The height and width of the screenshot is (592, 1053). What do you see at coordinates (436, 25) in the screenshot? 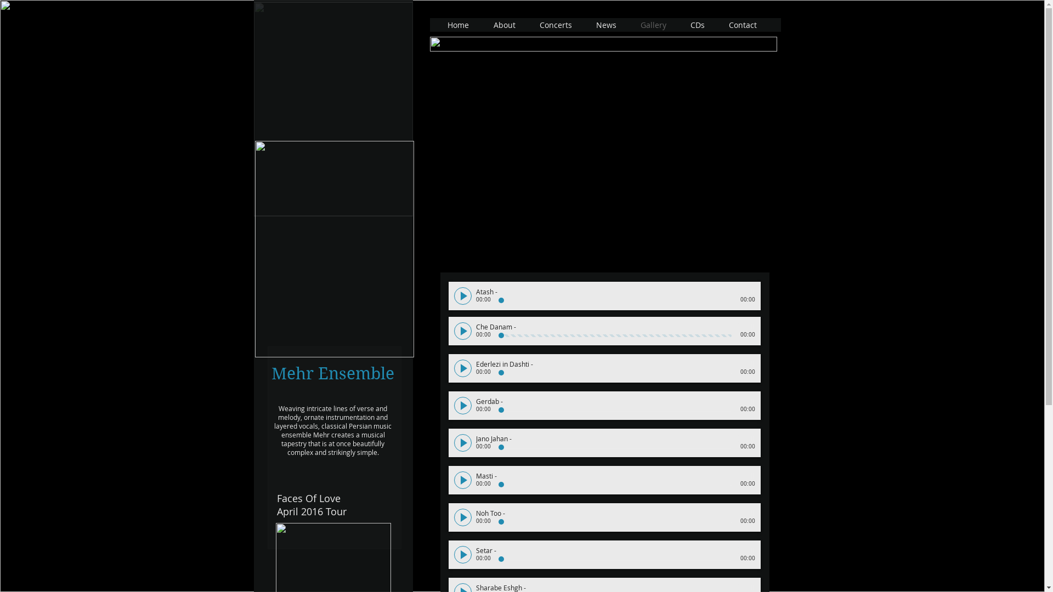
I see `'Home'` at bounding box center [436, 25].